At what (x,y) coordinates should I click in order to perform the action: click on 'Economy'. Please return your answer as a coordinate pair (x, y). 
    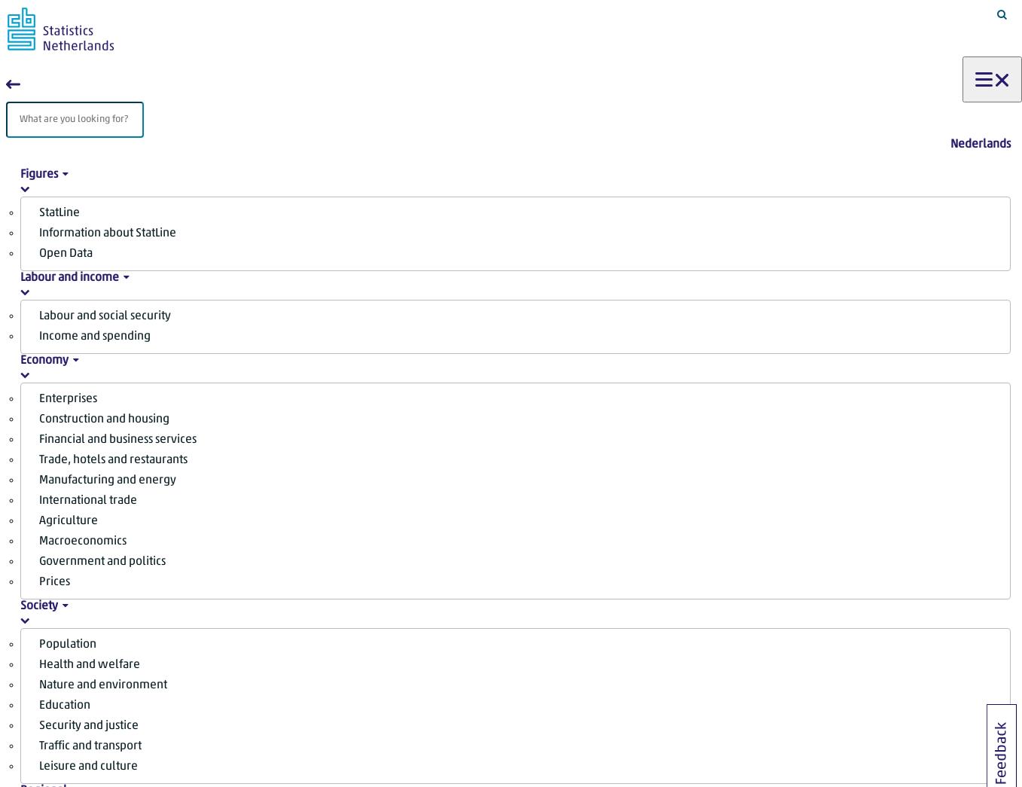
    Looking at the image, I should click on (44, 360).